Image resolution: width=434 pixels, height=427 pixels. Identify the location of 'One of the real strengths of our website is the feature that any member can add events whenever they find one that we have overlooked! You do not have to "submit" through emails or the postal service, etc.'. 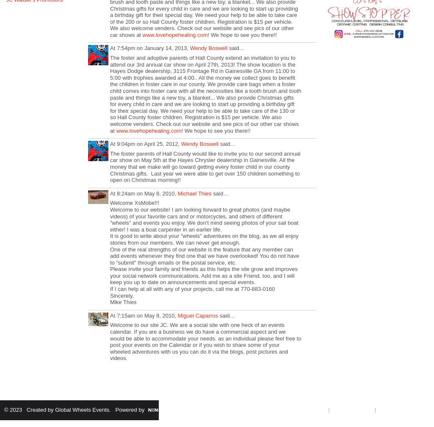
(204, 255).